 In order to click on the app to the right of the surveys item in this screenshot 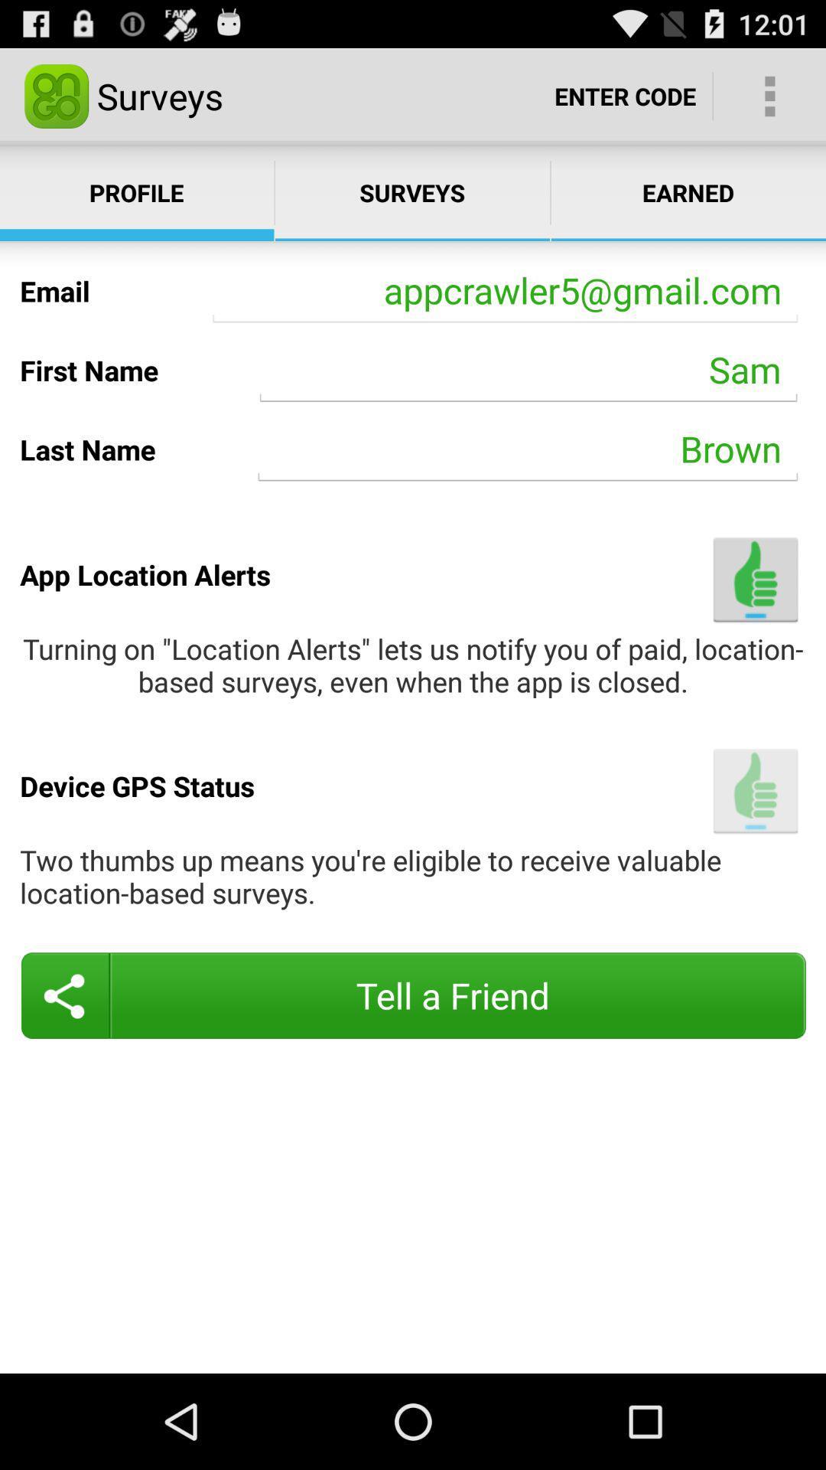, I will do `click(625, 95)`.